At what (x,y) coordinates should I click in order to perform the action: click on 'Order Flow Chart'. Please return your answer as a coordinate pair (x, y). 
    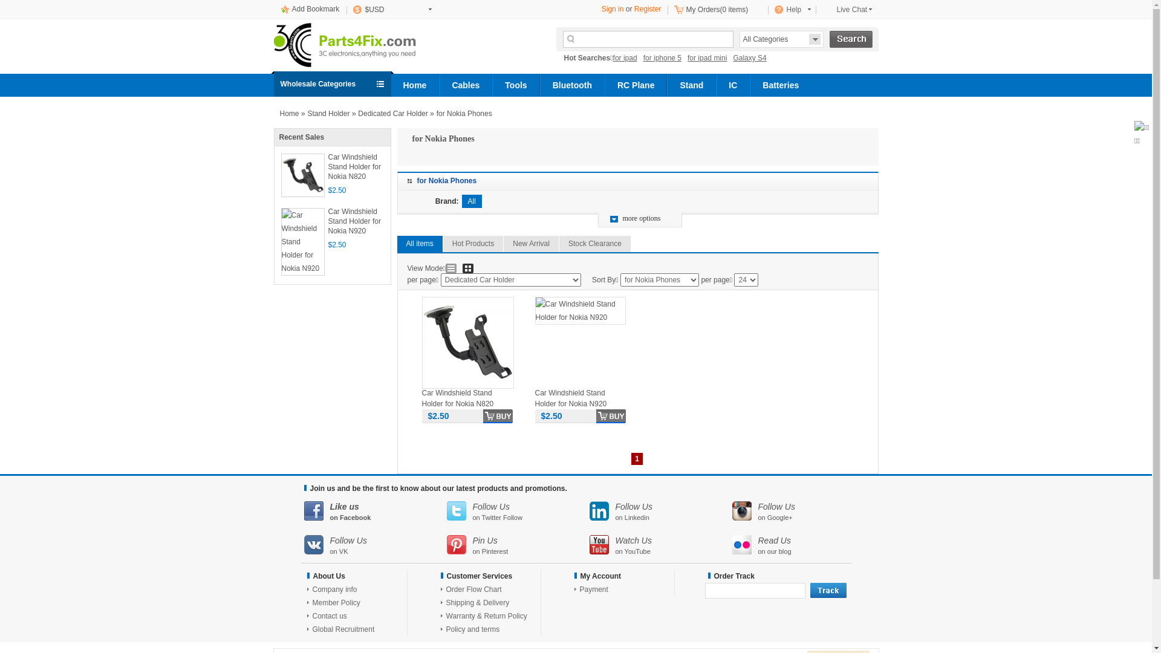
    Looking at the image, I should click on (473, 589).